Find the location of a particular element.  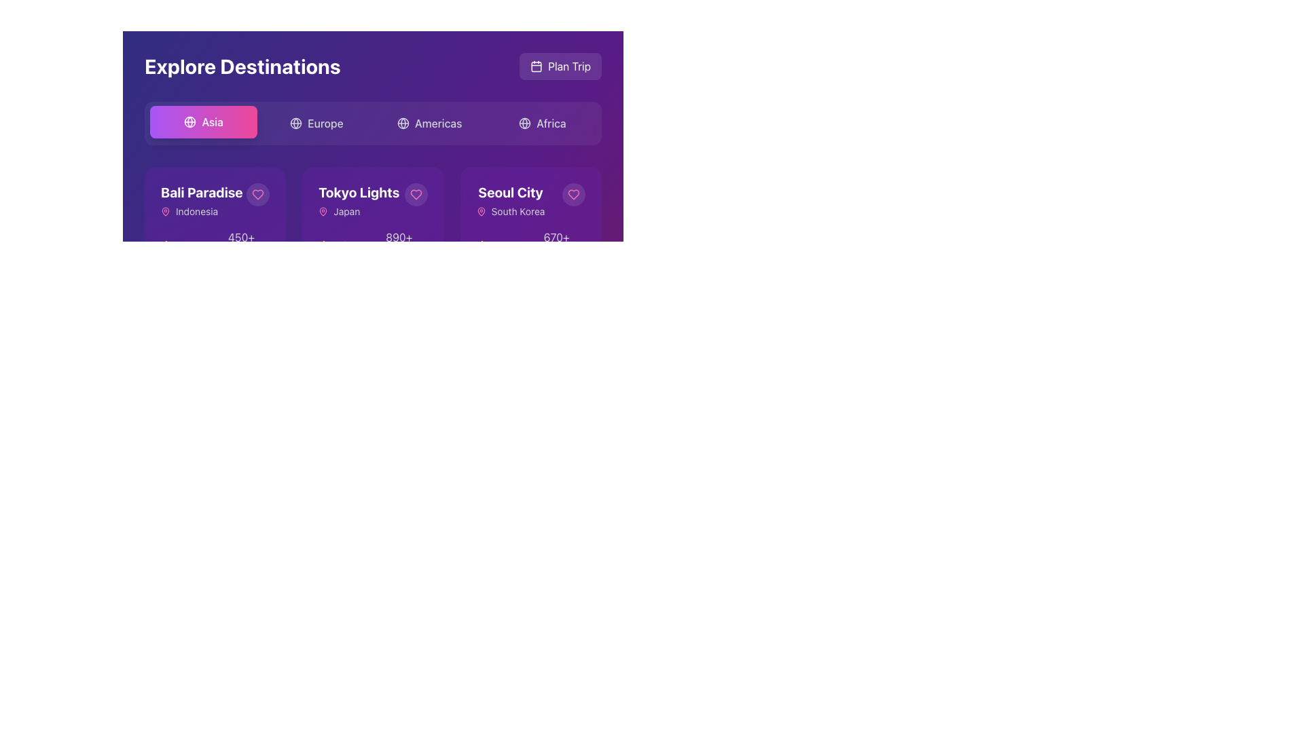

text displayed on the 'Europe' navigation label, which indicates a selectable category for exploring destinations is located at coordinates (325, 123).